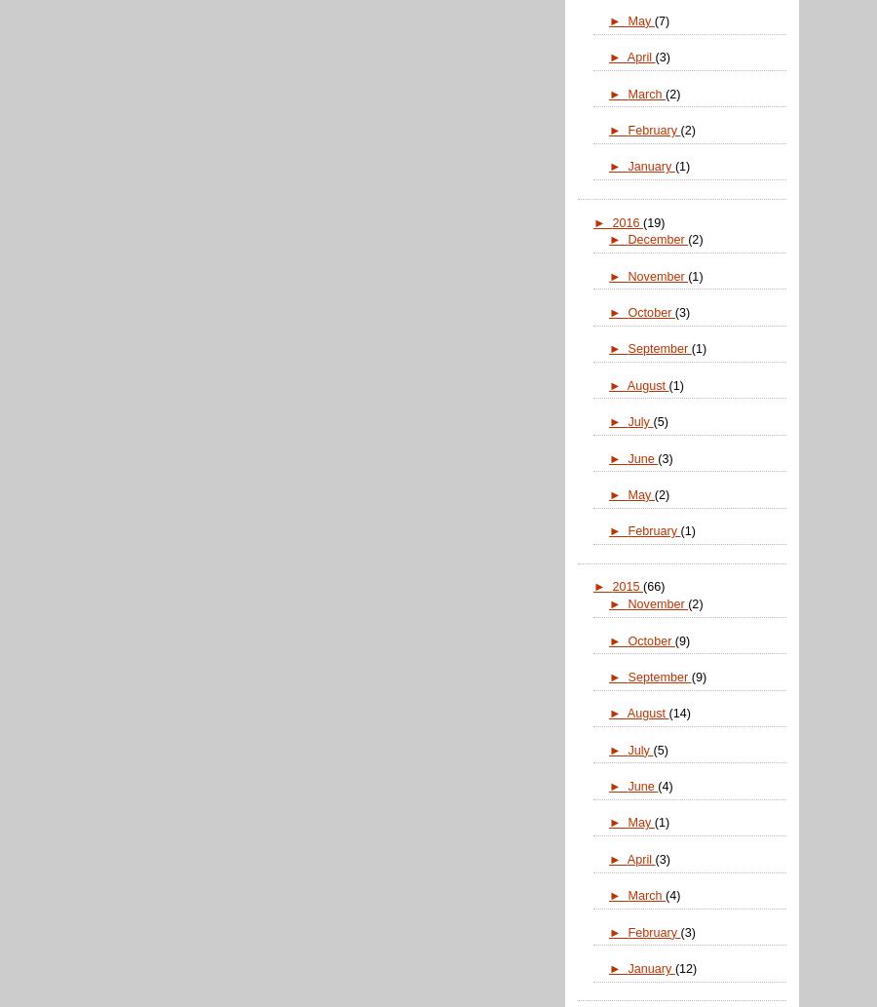 The image size is (877, 1007). I want to click on '(12)', so click(673, 967).